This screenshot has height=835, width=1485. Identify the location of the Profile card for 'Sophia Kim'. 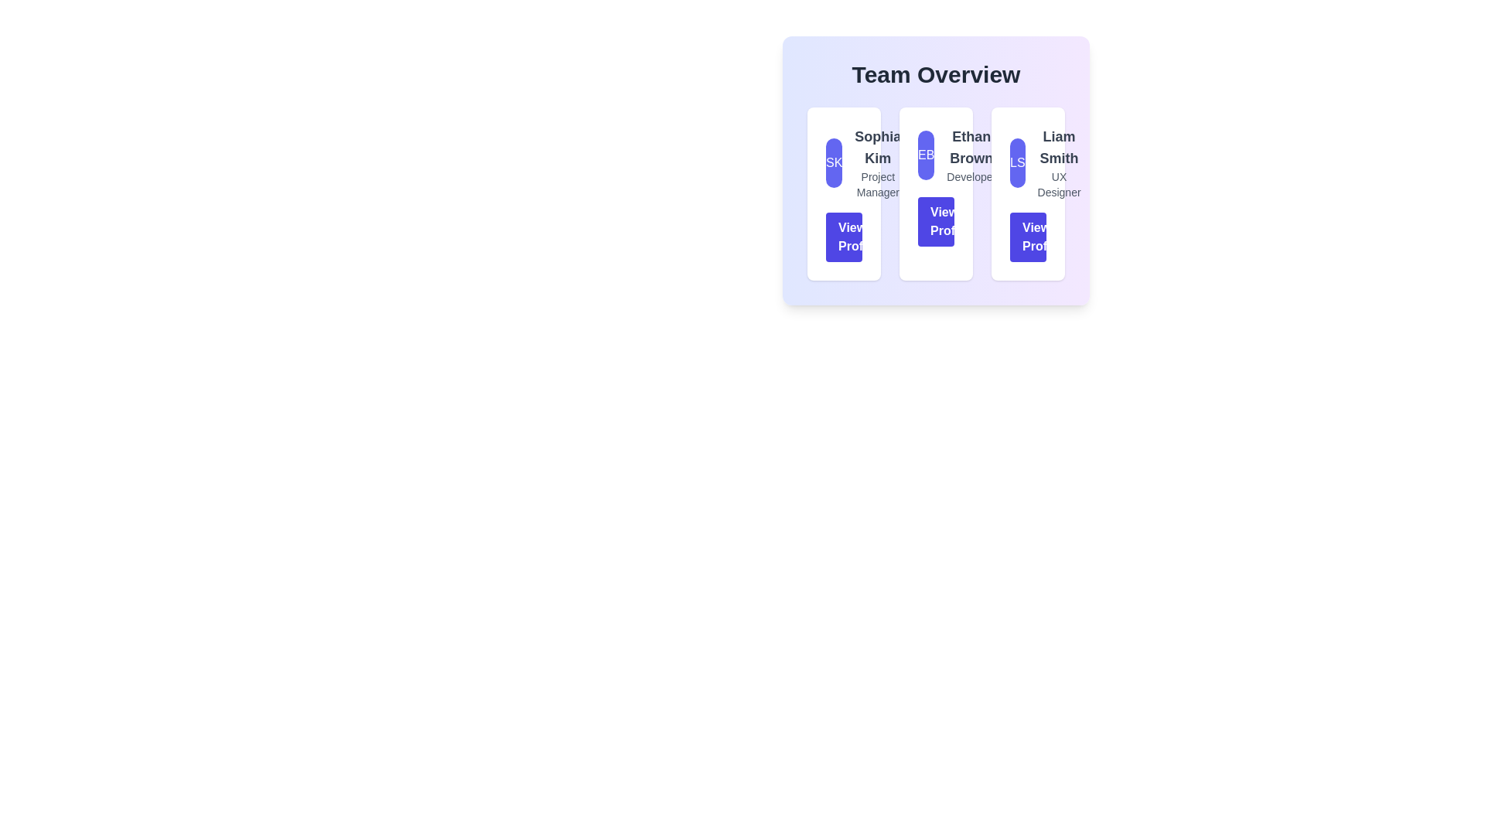
(843, 193).